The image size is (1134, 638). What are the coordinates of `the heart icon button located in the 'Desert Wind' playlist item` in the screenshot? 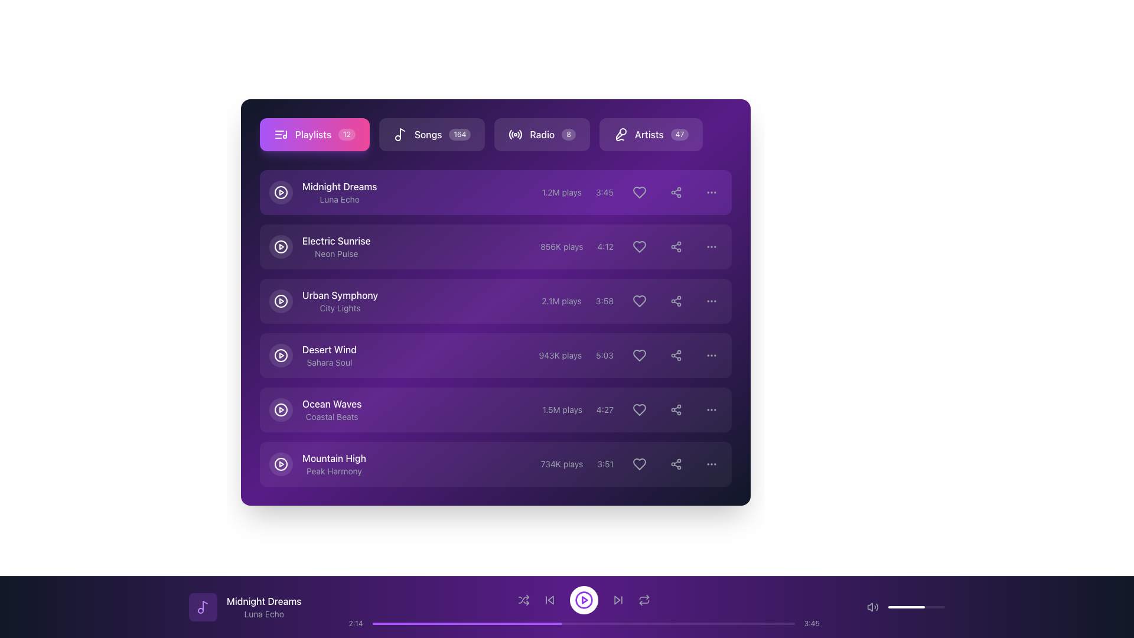 It's located at (639, 354).